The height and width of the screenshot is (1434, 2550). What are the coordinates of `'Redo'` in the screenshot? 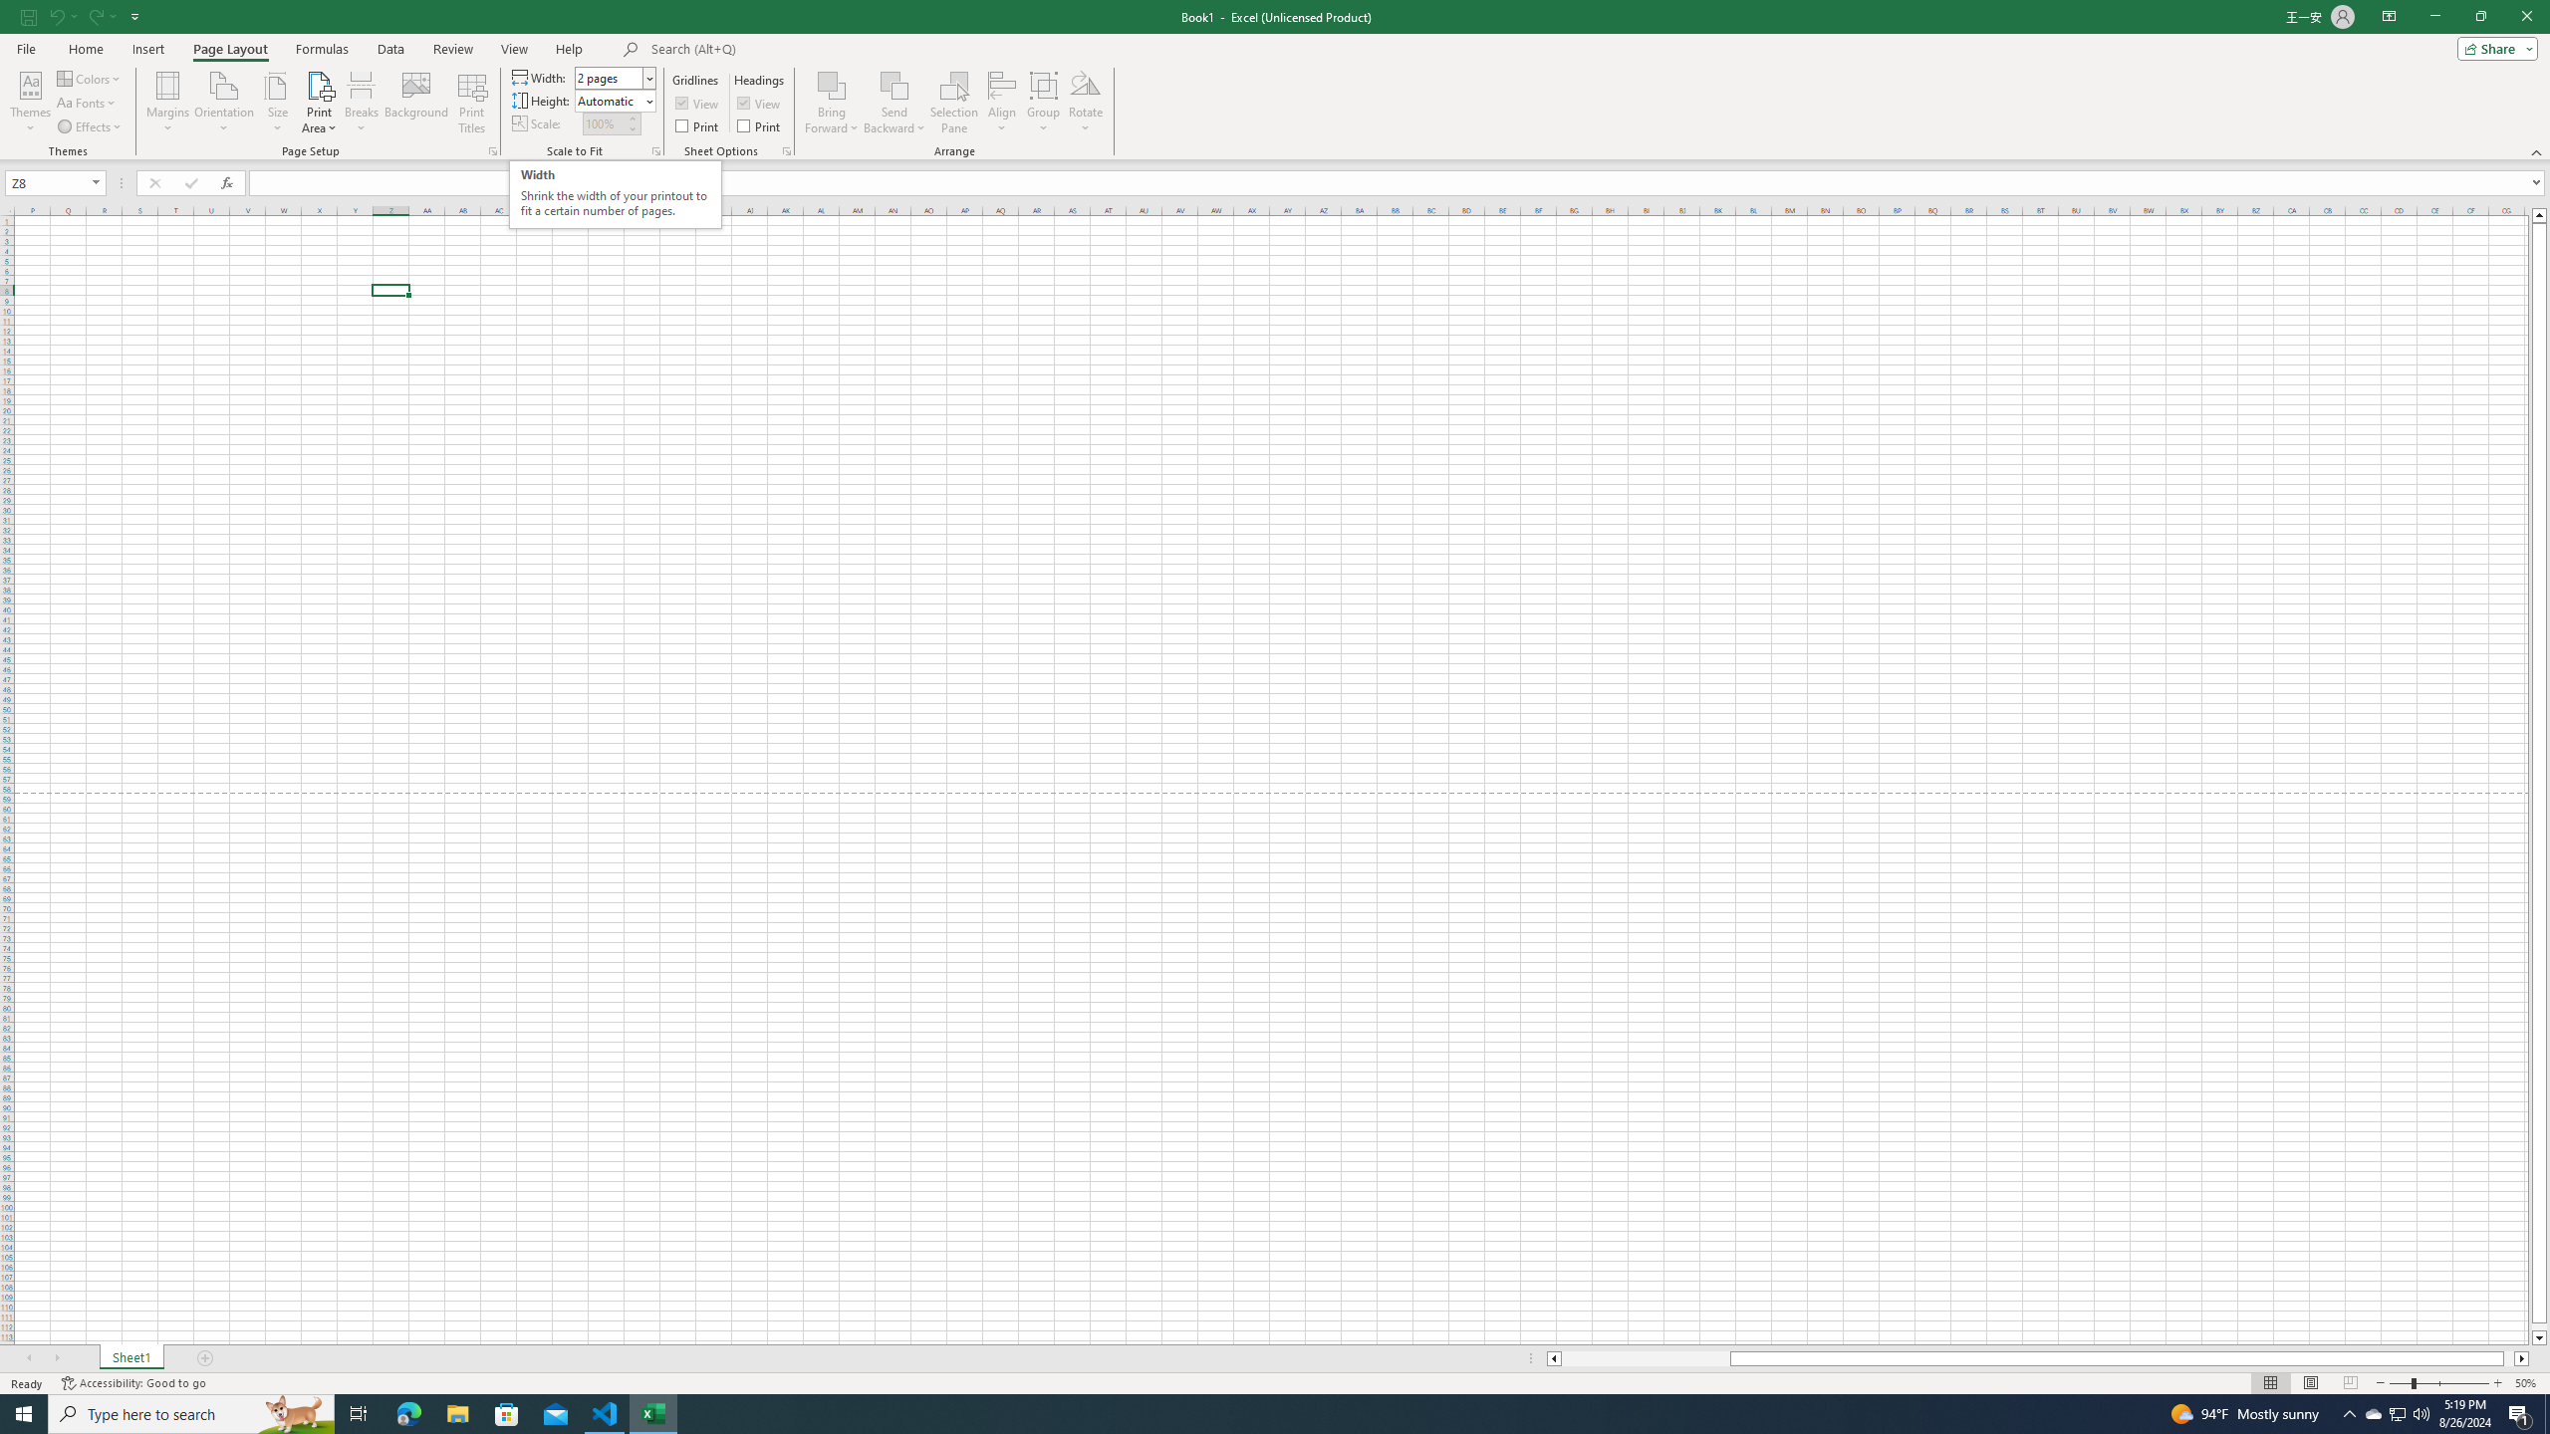 It's located at (101, 15).